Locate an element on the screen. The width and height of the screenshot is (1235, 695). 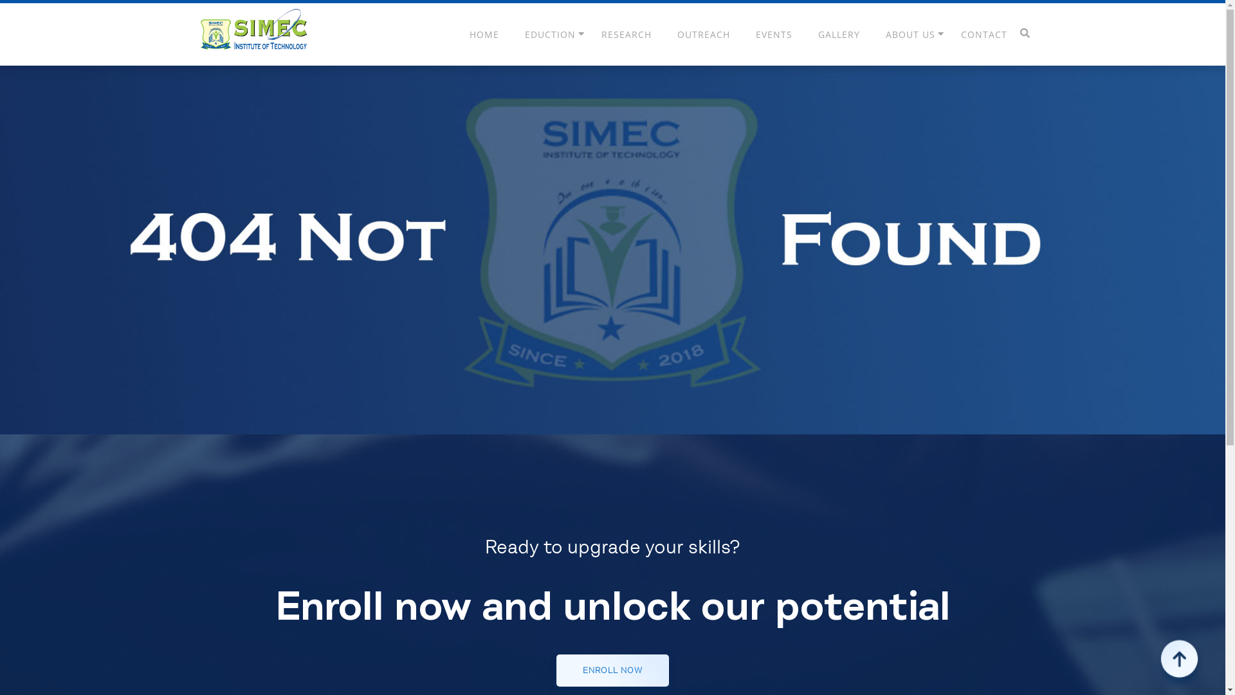
'ENROLL NOW' is located at coordinates (612, 669).